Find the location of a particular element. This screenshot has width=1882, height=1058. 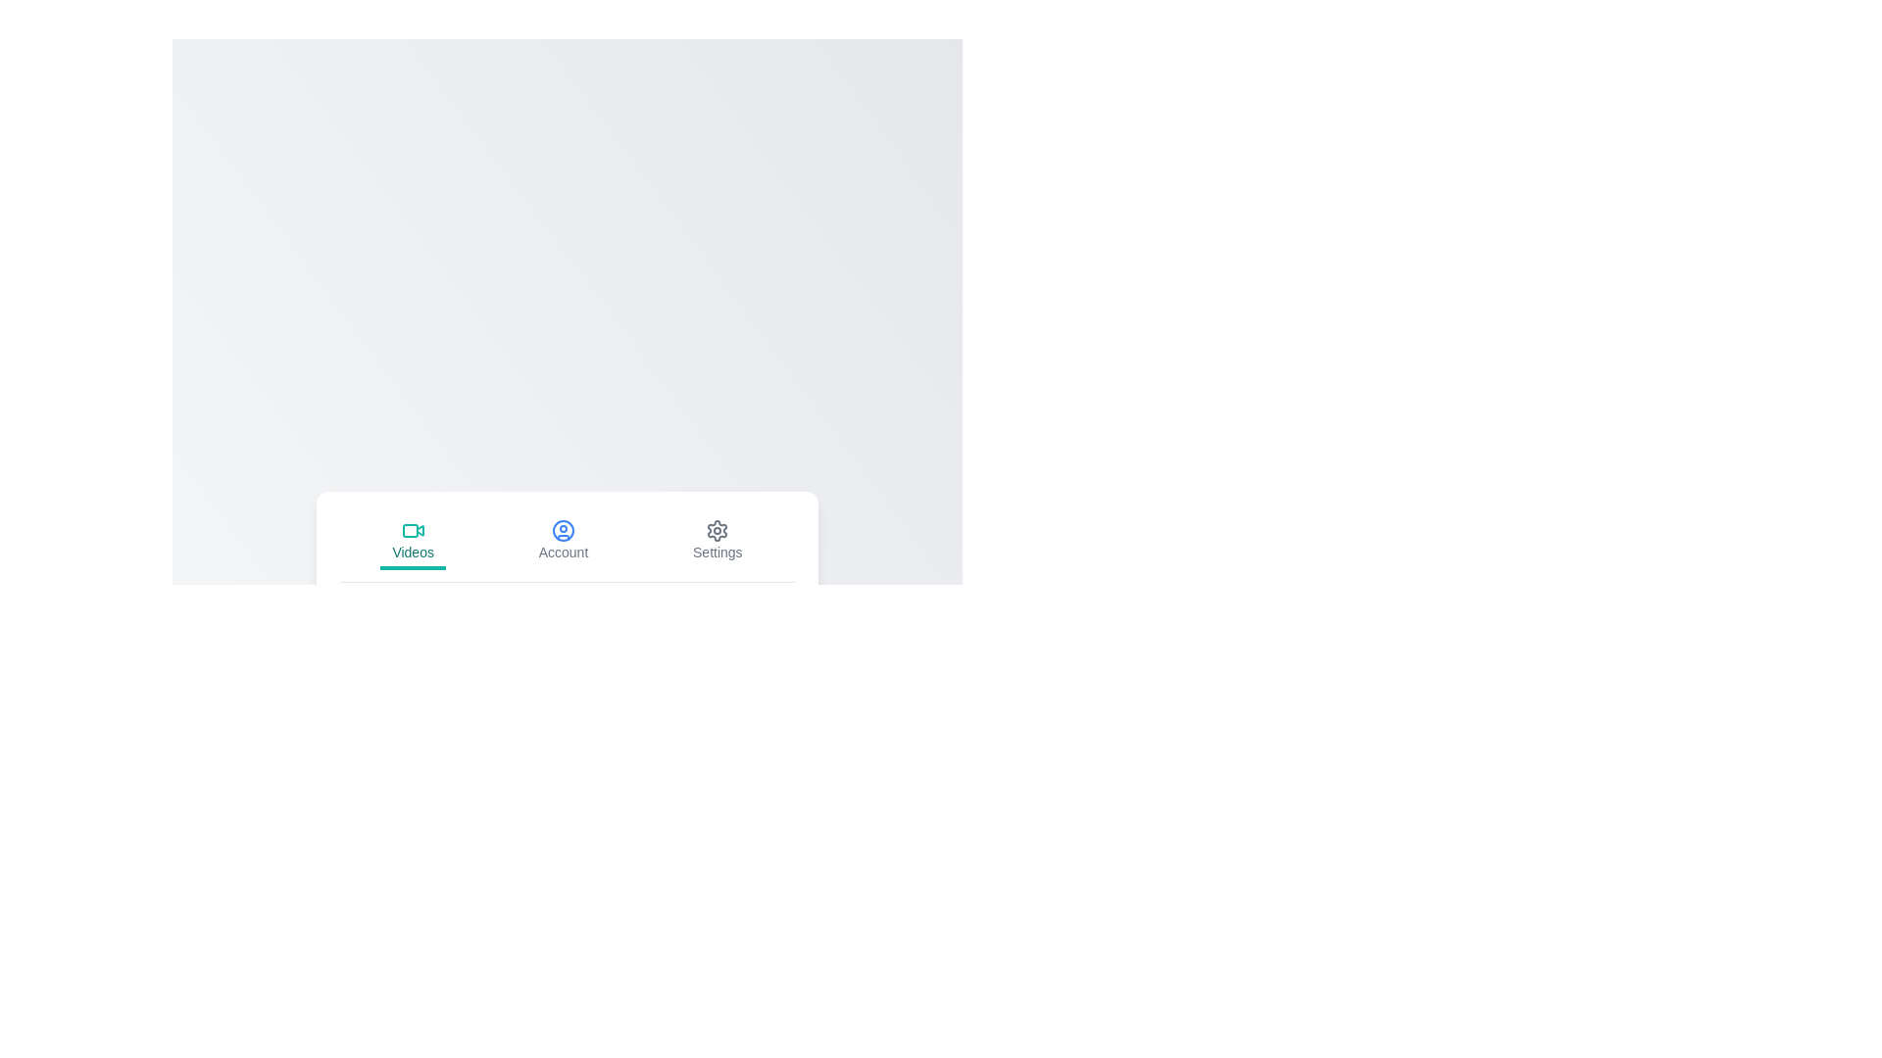

the icon of the Account tab to select it is located at coordinates (563, 530).